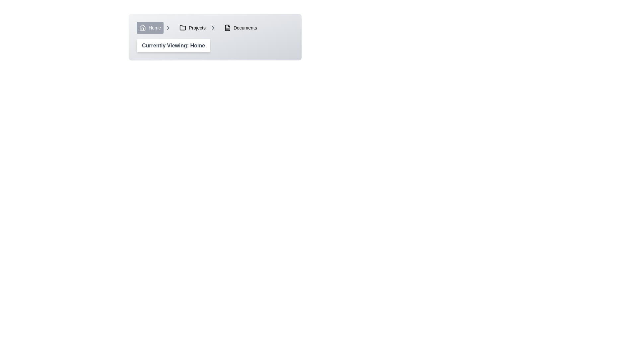  I want to click on the chevron icon in the breadcrumb navigation bar that separates 'Projects' and 'Documents', so click(168, 28).